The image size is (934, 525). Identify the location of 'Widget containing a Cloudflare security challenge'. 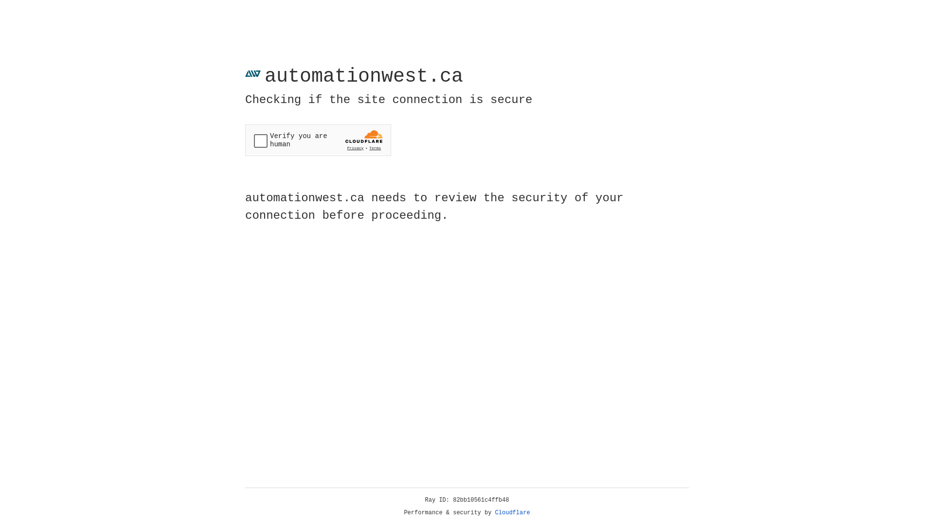
(318, 140).